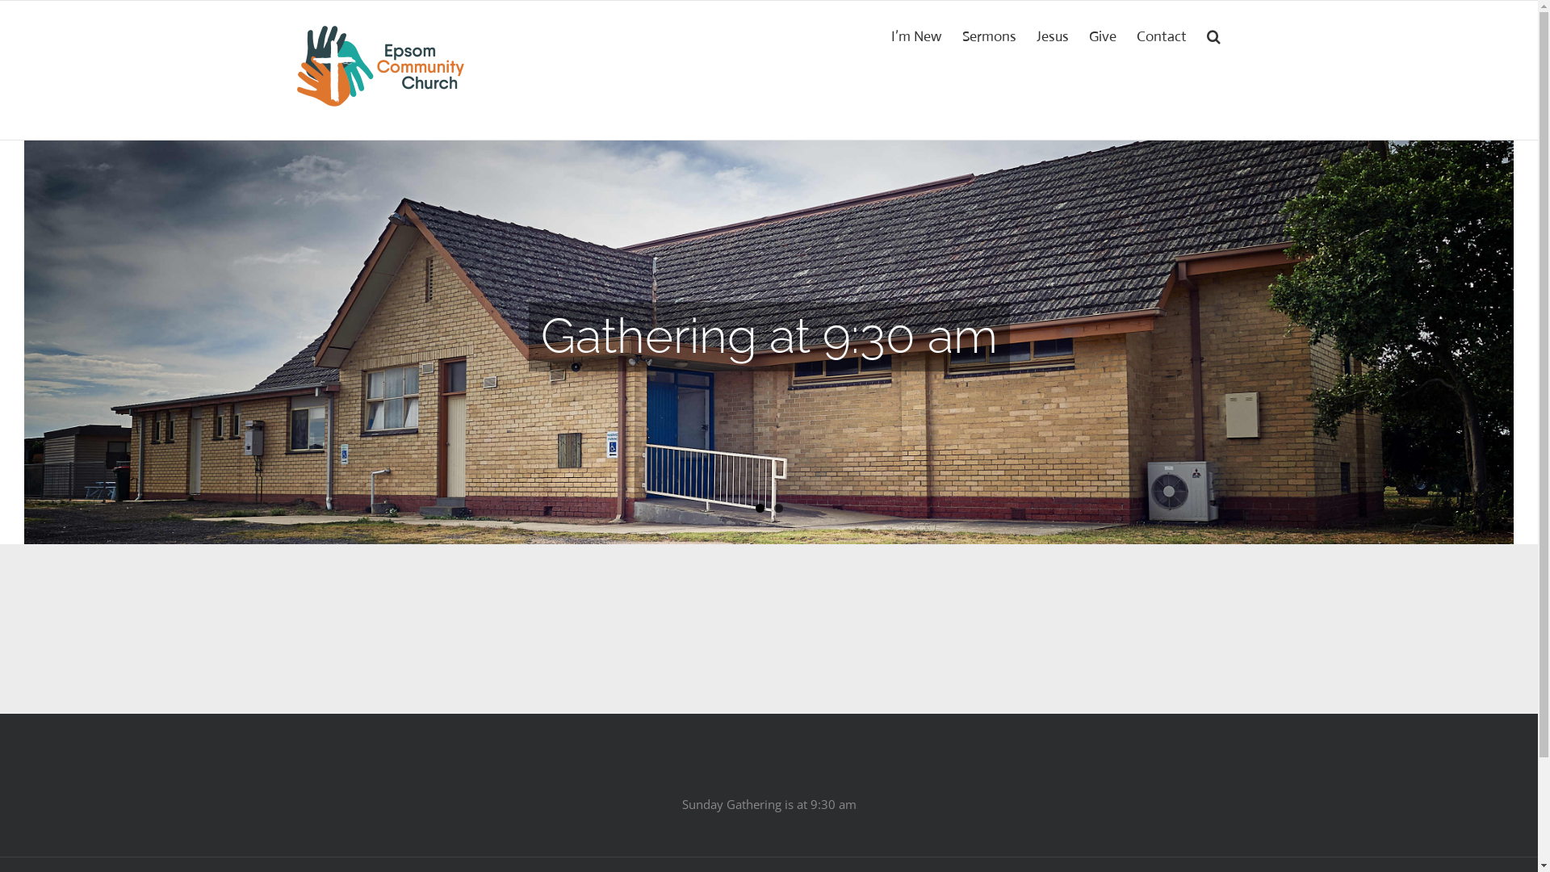  I want to click on '1', so click(759, 507).